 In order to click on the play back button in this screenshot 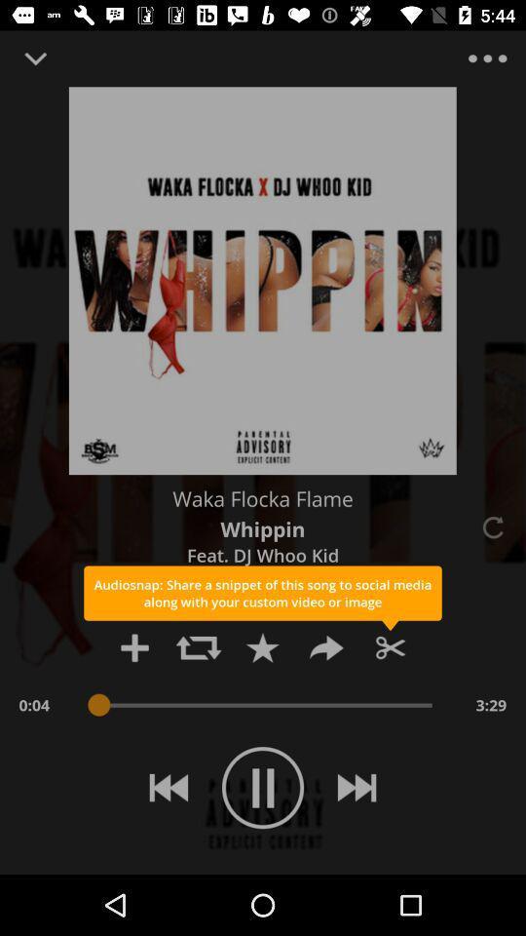, I will do `click(169, 788)`.